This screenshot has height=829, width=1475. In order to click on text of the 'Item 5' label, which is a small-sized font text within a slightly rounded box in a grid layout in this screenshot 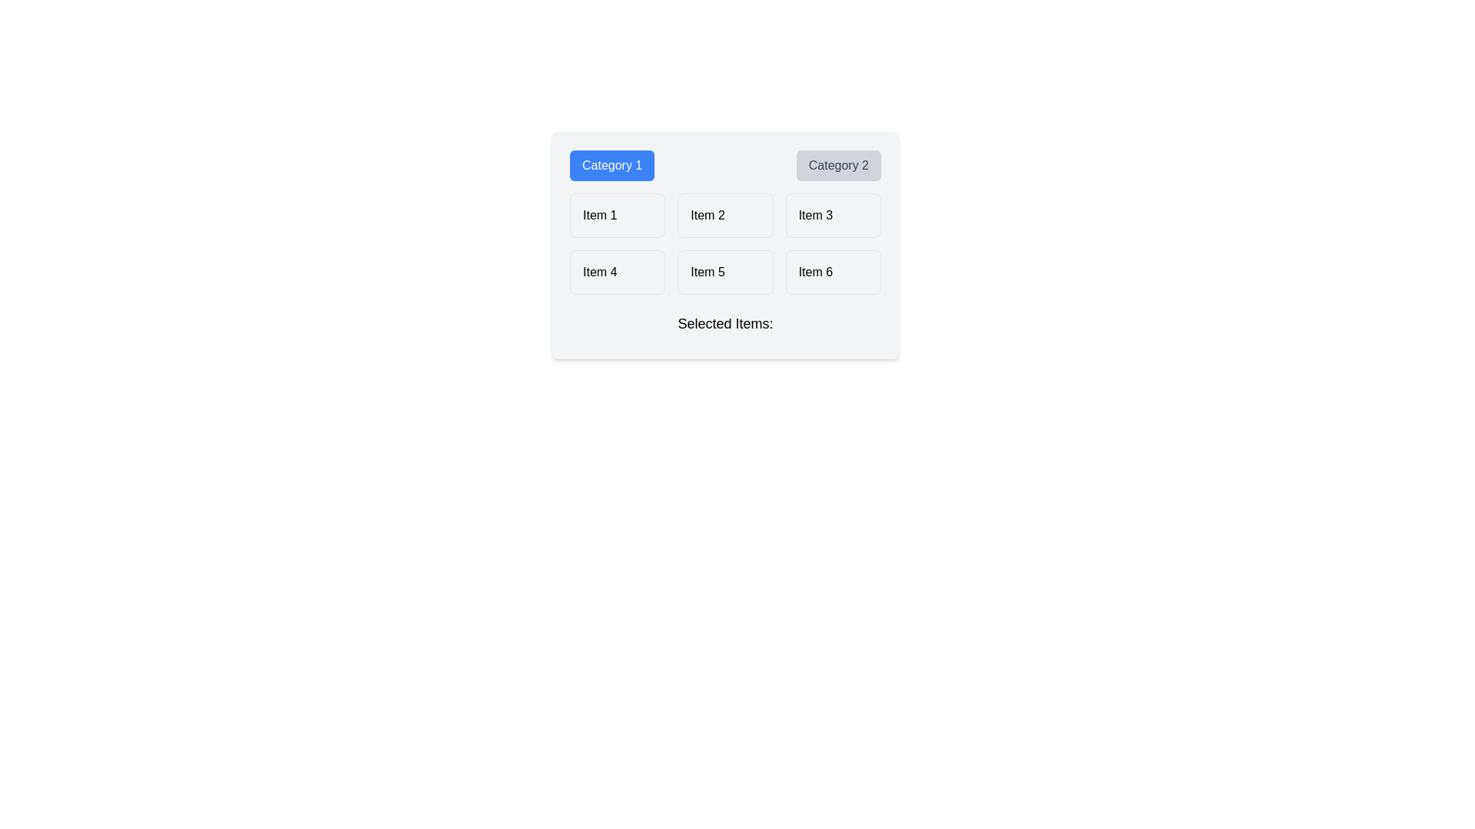, I will do `click(707, 271)`.